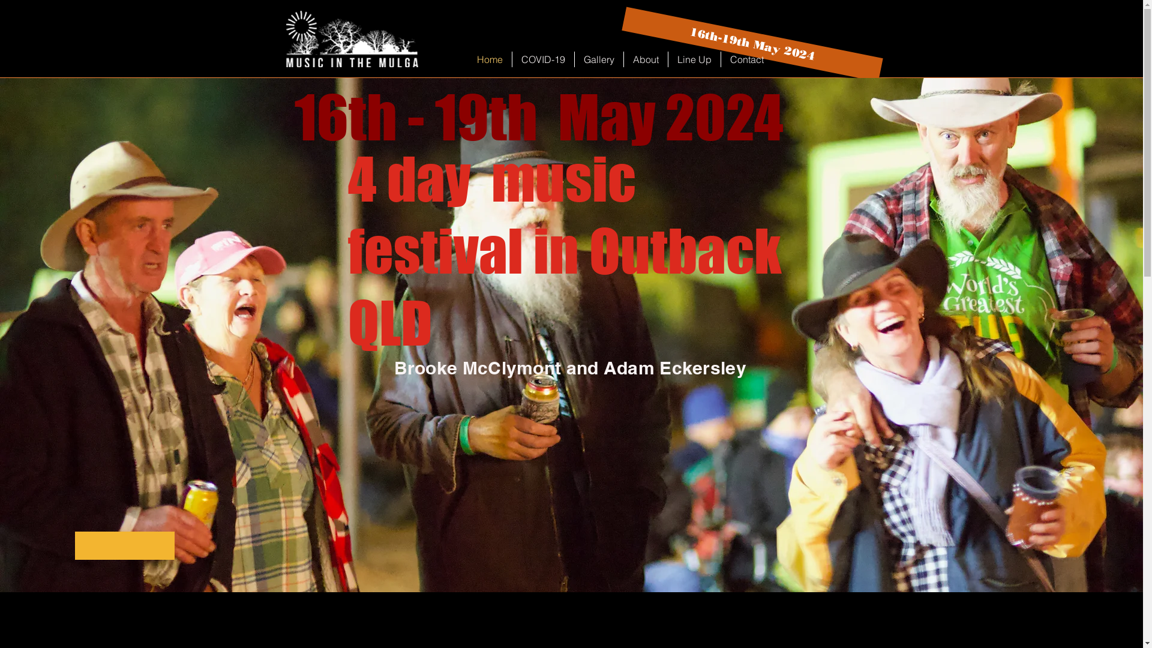 The width and height of the screenshot is (1152, 648). What do you see at coordinates (645, 59) in the screenshot?
I see `'About'` at bounding box center [645, 59].